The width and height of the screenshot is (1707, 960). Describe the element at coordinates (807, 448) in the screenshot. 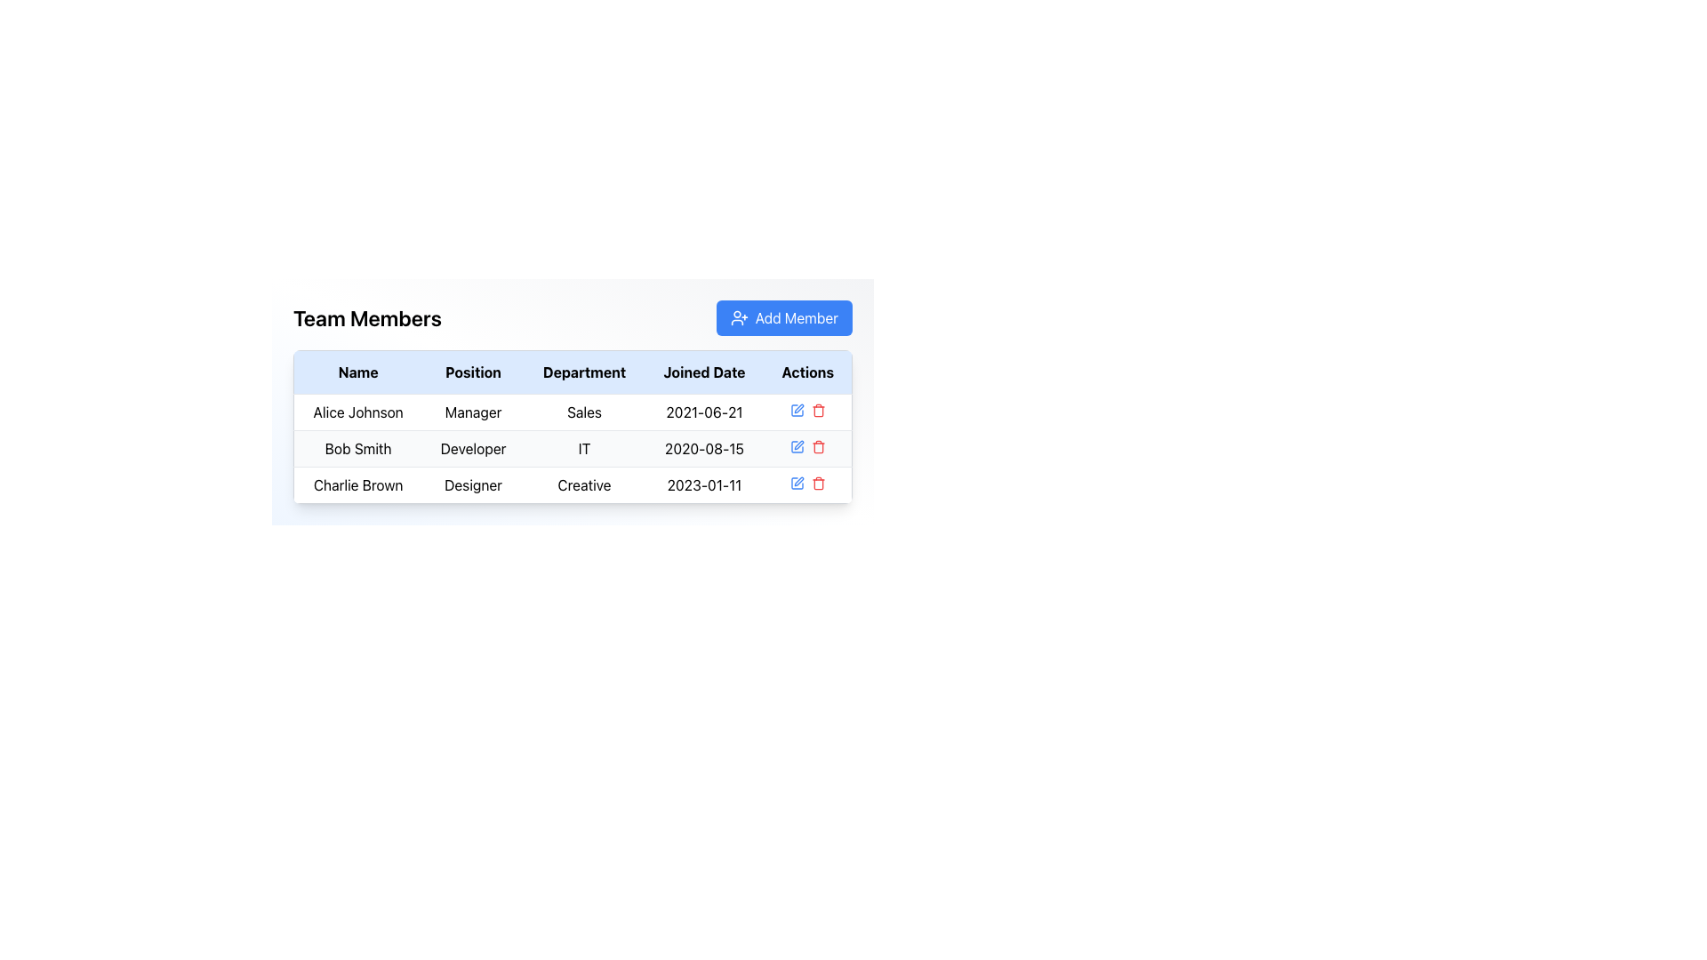

I see `the red trash bin icon for deletion located at the bottom-right corner of the 'Actions' column for 'Bob Smith'` at that location.